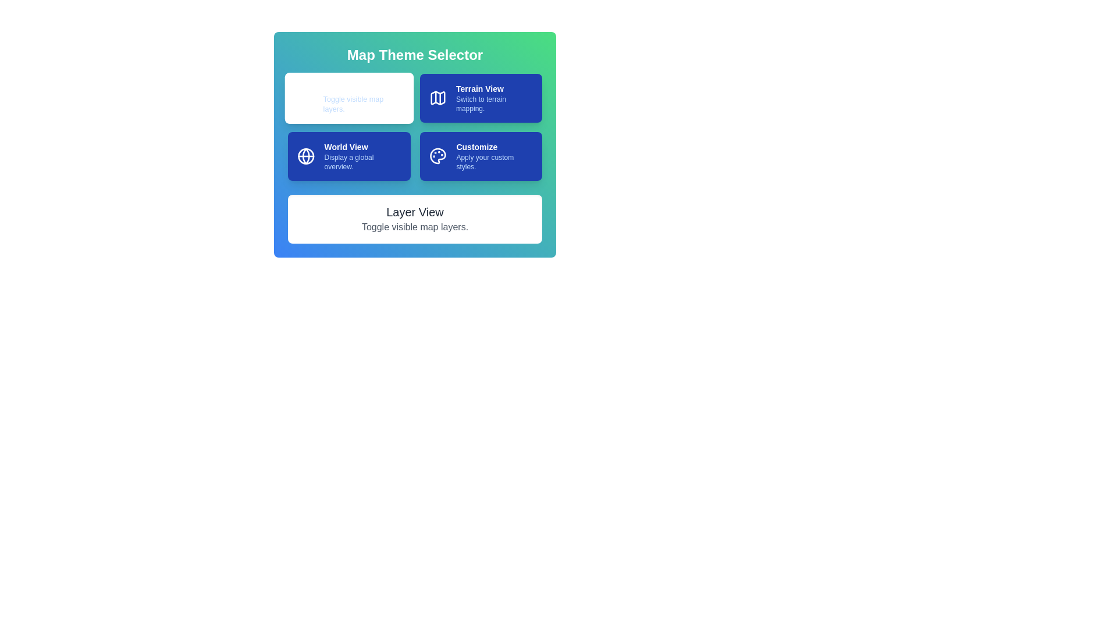 Image resolution: width=1117 pixels, height=628 pixels. Describe the element at coordinates (306, 156) in the screenshot. I see `the globe icon representing the global overview feature, located to the left of the 'World View' text in the Map Theme Selector interface` at that location.